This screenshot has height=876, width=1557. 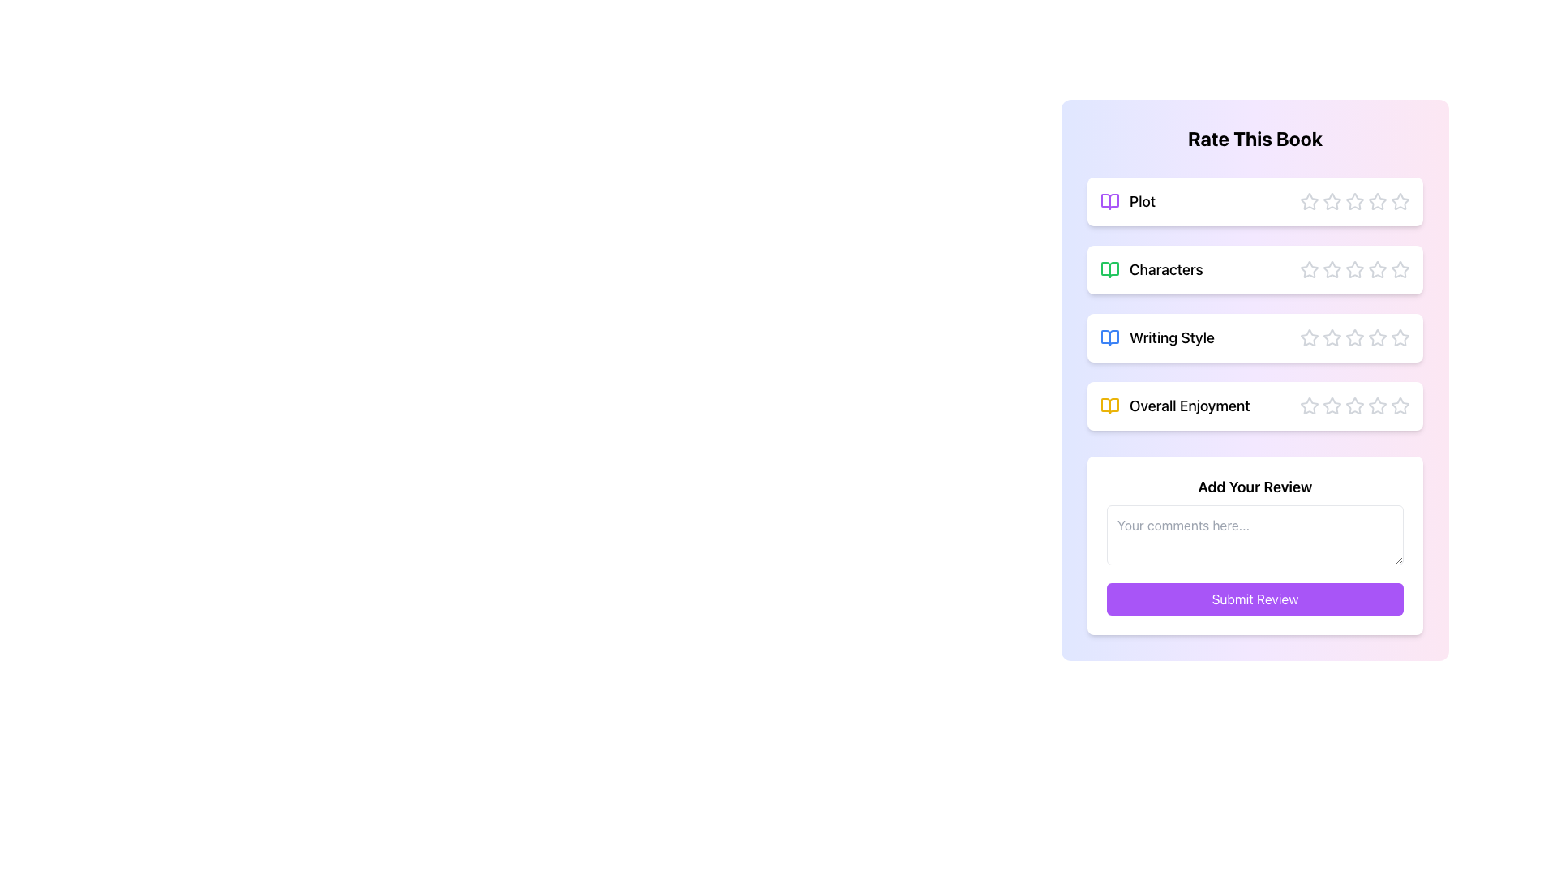 I want to click on the green book icon representing the 'Characters' rating in the 'Rate This Book' section, which is located prominently to the left of the 'Characters' text label, so click(x=1109, y=268).